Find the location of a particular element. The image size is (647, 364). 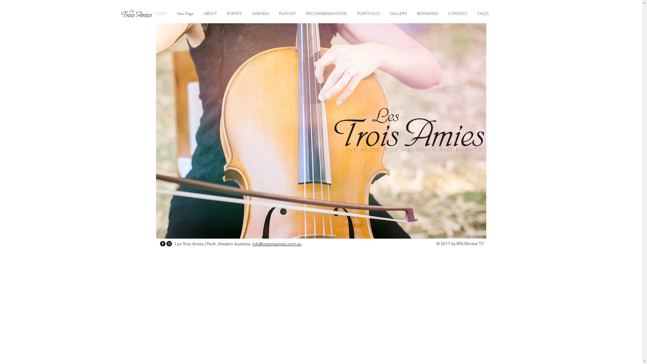

'PORTFOLIO' is located at coordinates (368, 13).